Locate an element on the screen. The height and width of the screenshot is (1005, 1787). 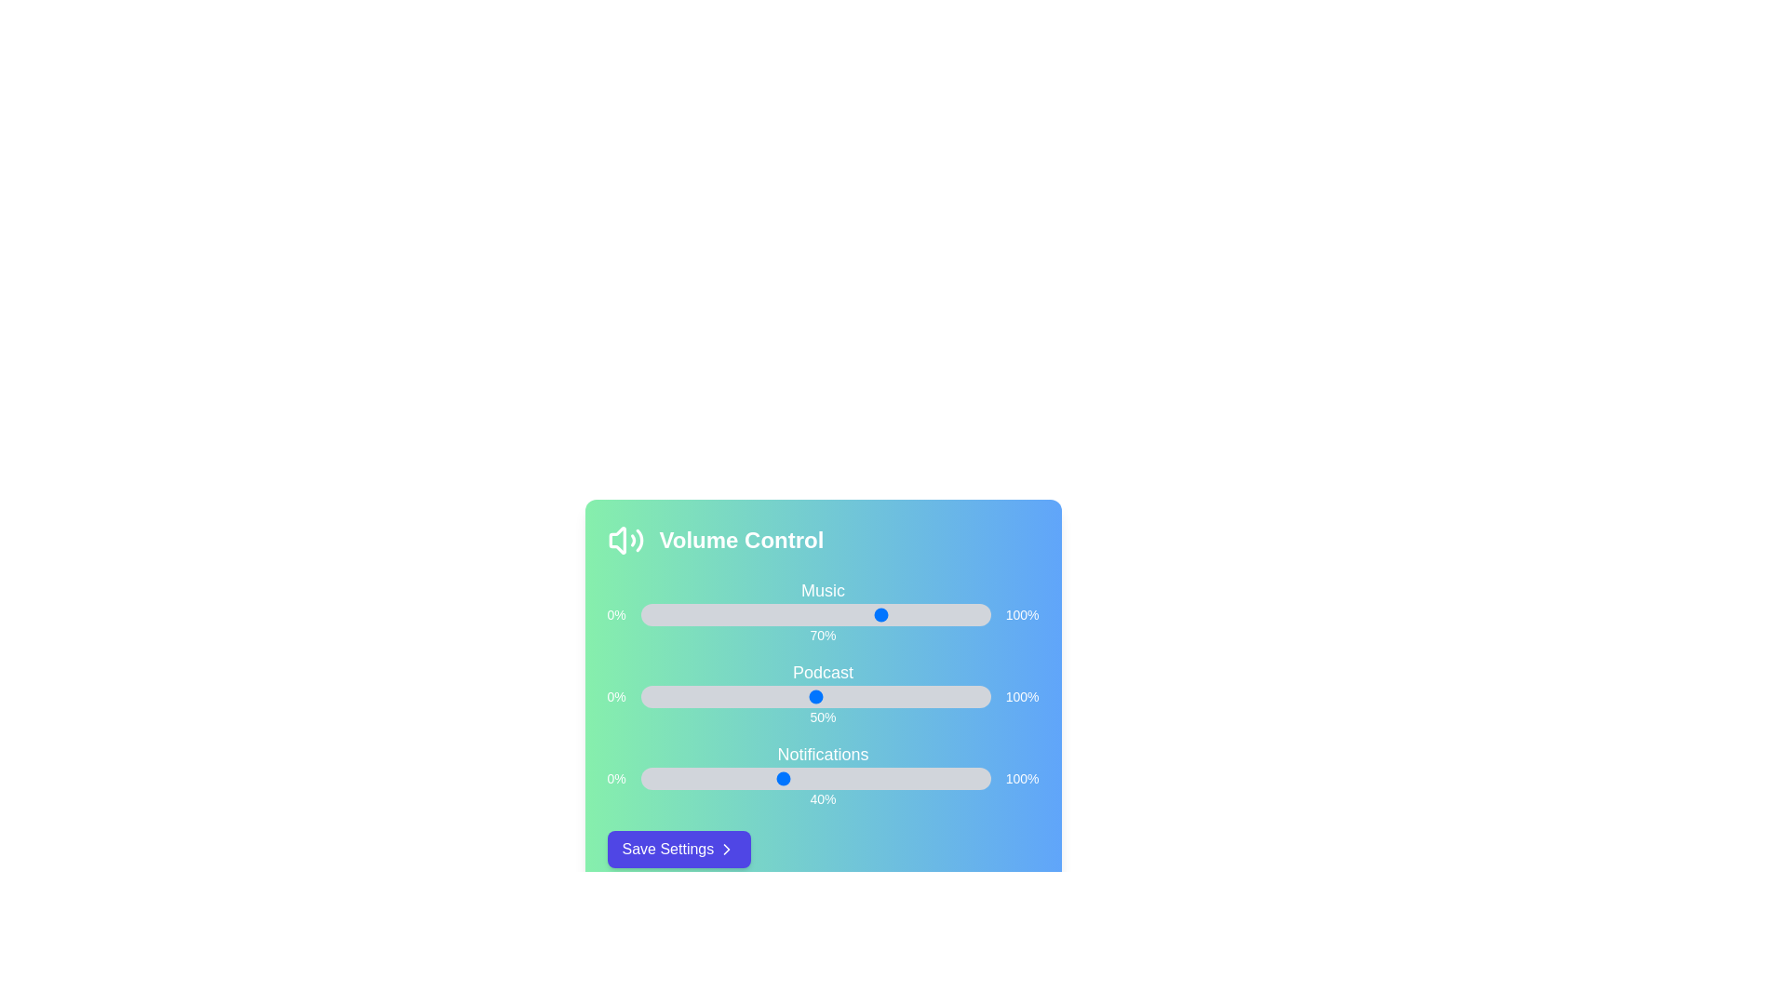
the 'Notifications' volume slider to 47% is located at coordinates (805, 779).